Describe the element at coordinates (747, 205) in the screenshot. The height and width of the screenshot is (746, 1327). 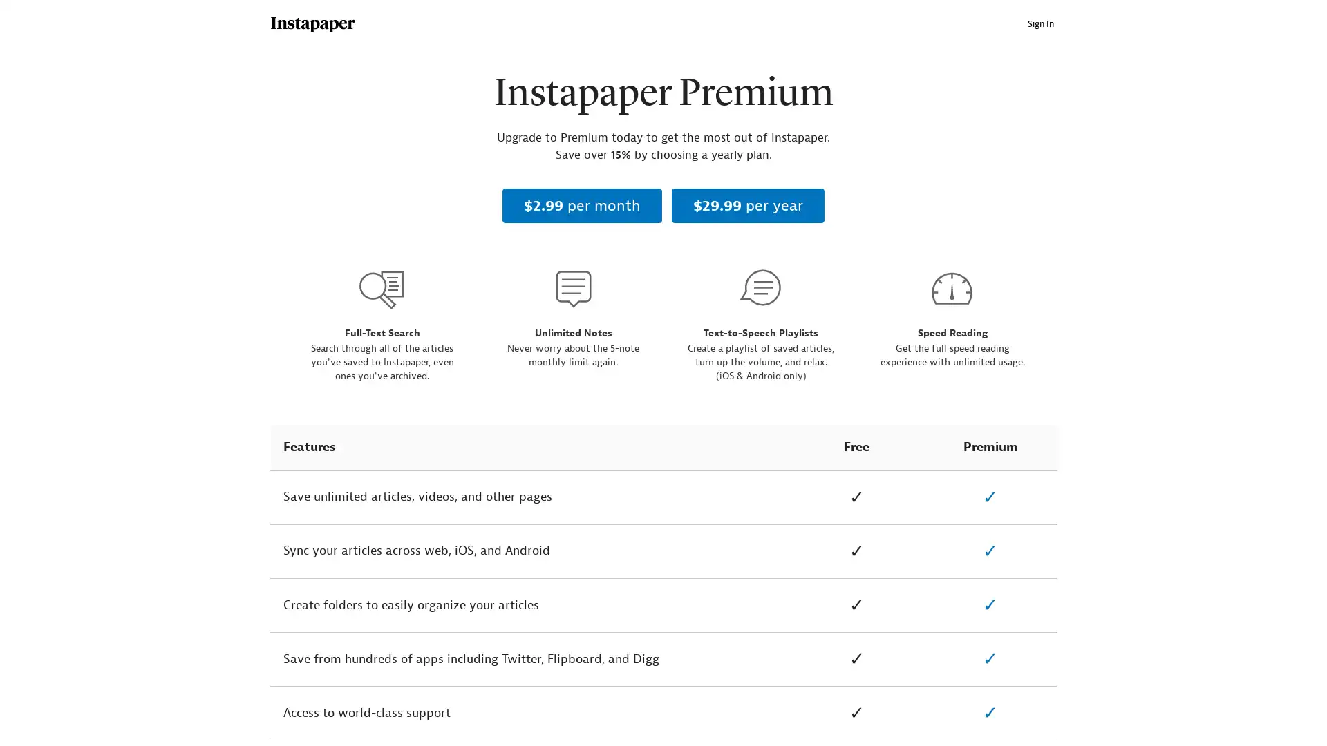
I see `$29.99 per year` at that location.